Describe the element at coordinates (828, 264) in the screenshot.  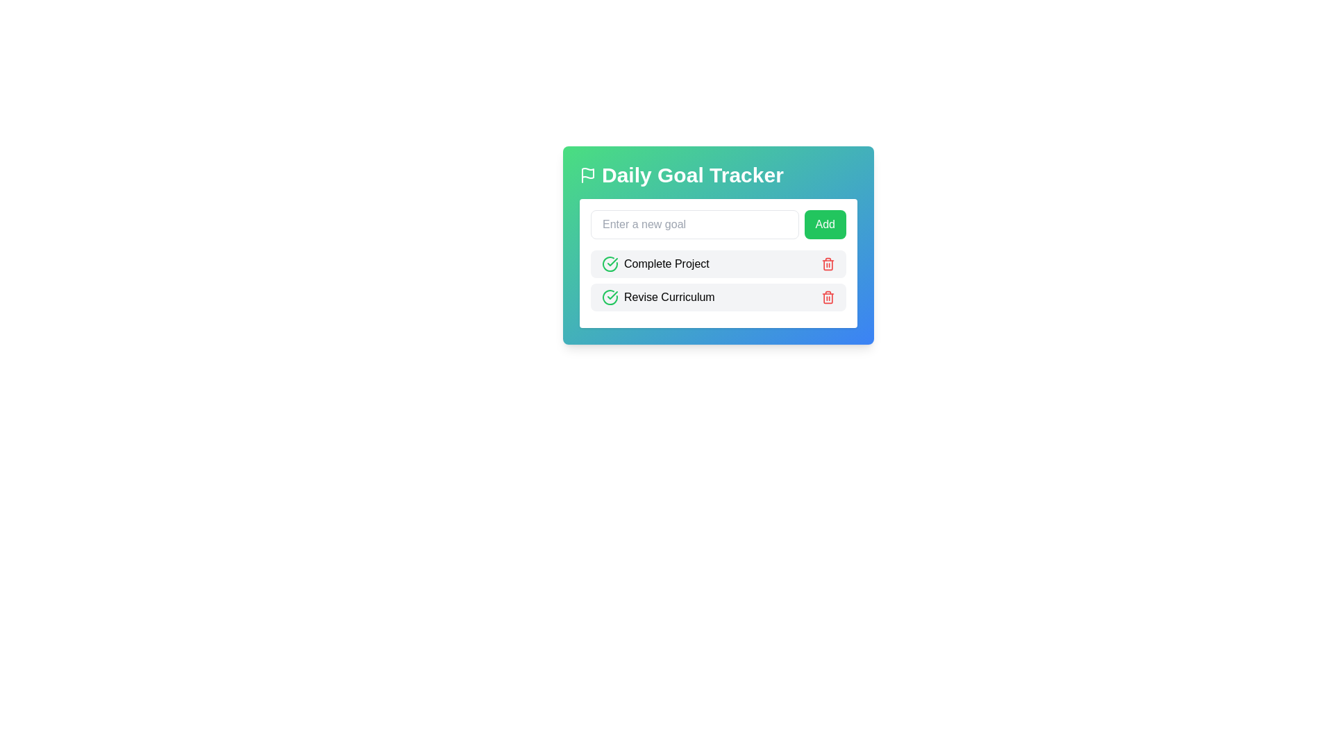
I see `the red trash can icon, which is styled as a button for delete action, located to the right of the 'Complete Project' text in the Daily Goal Tracker section` at that location.